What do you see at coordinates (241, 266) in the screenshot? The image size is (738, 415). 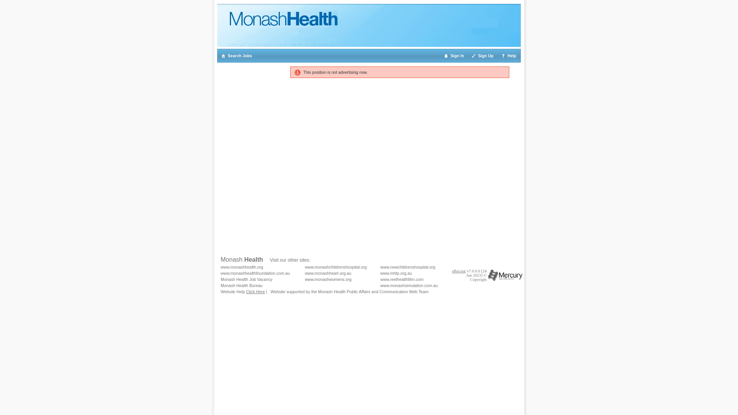 I see `'www.monashhealth.org'` at bounding box center [241, 266].